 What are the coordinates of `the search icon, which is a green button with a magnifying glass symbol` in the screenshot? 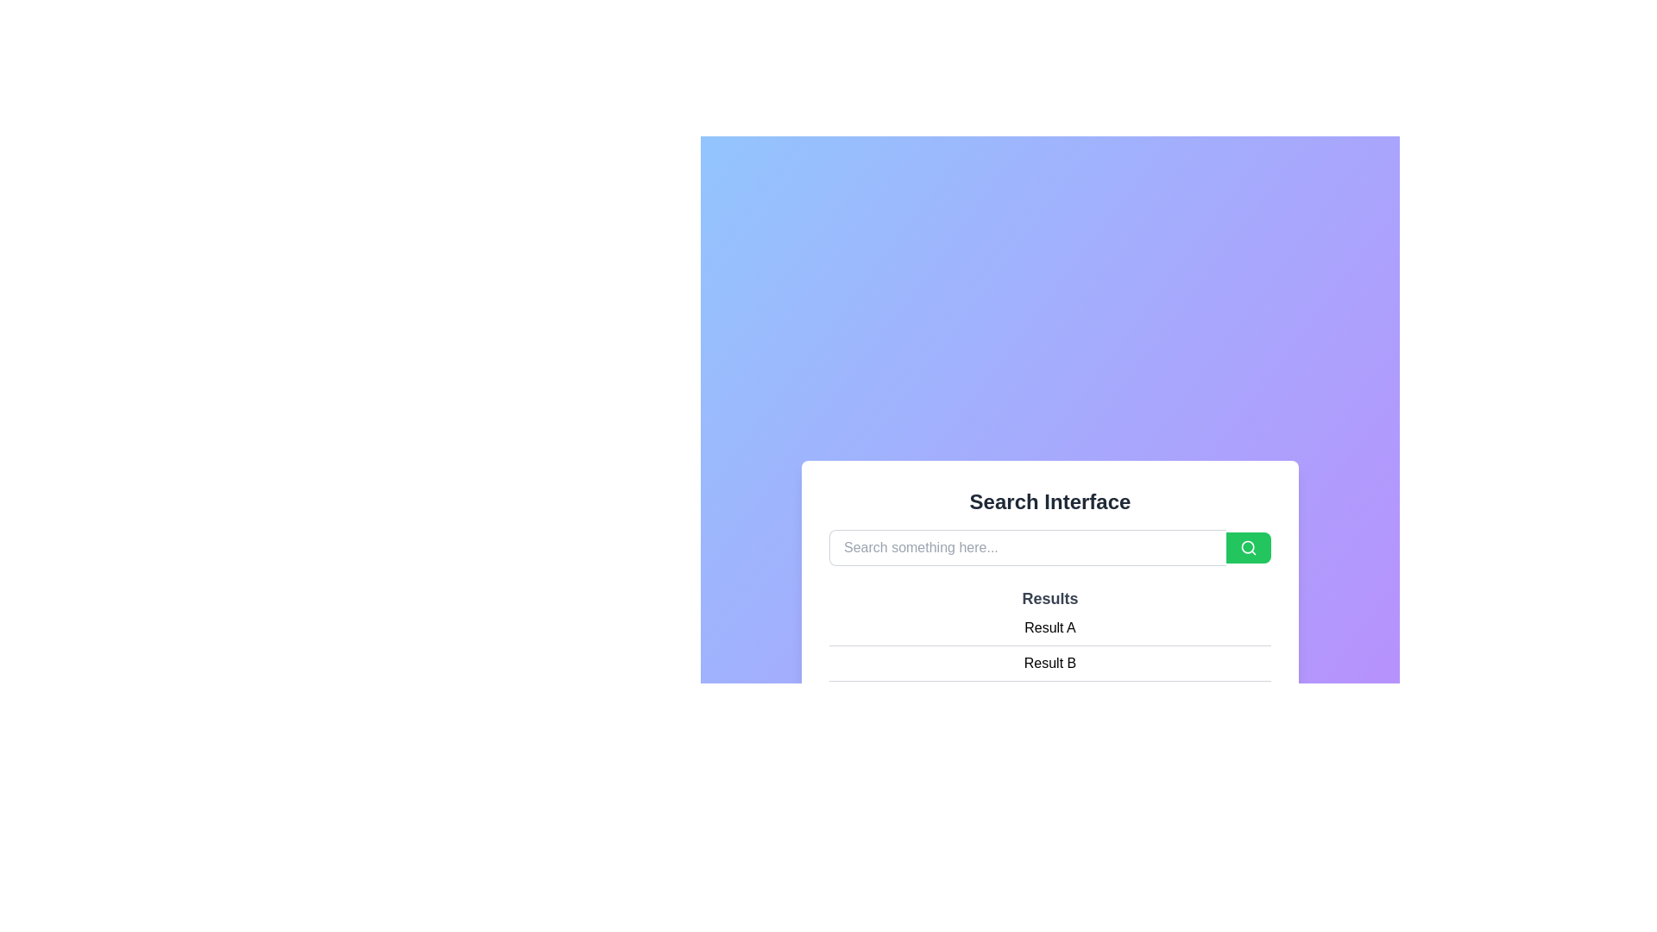 It's located at (1248, 548).